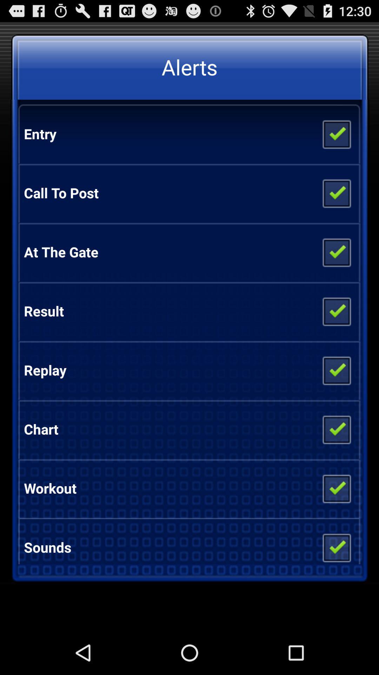 Image resolution: width=379 pixels, height=675 pixels. Describe the element at coordinates (336, 488) in the screenshot. I see `item next to the workout` at that location.